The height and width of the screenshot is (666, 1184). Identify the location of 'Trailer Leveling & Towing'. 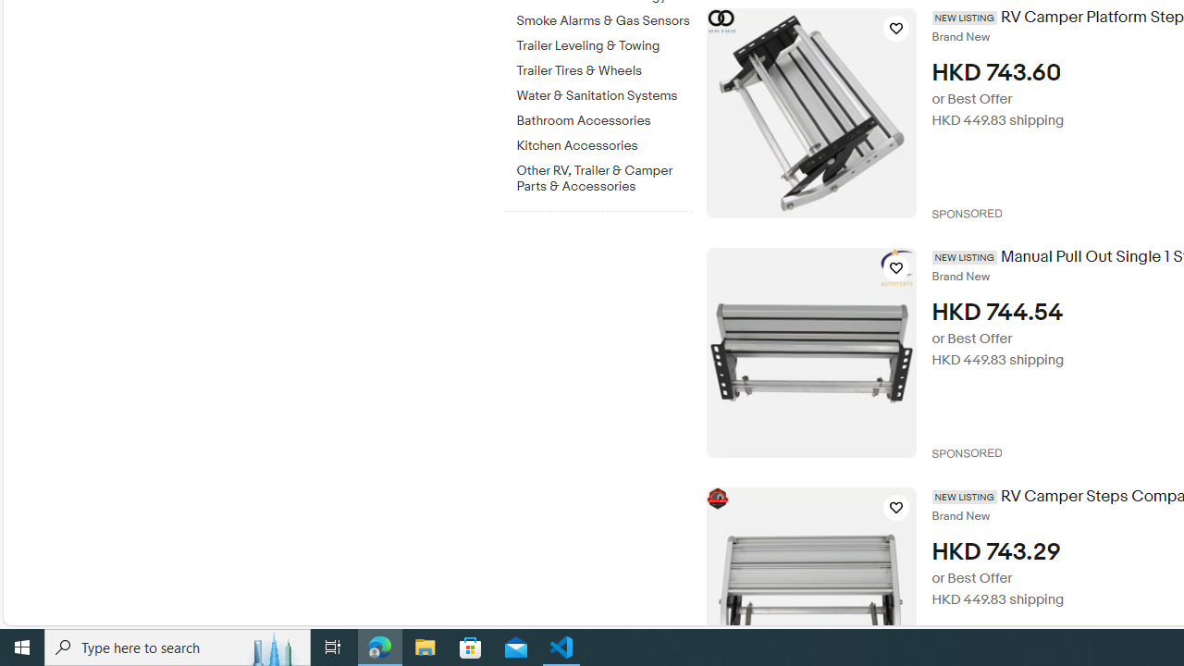
(604, 42).